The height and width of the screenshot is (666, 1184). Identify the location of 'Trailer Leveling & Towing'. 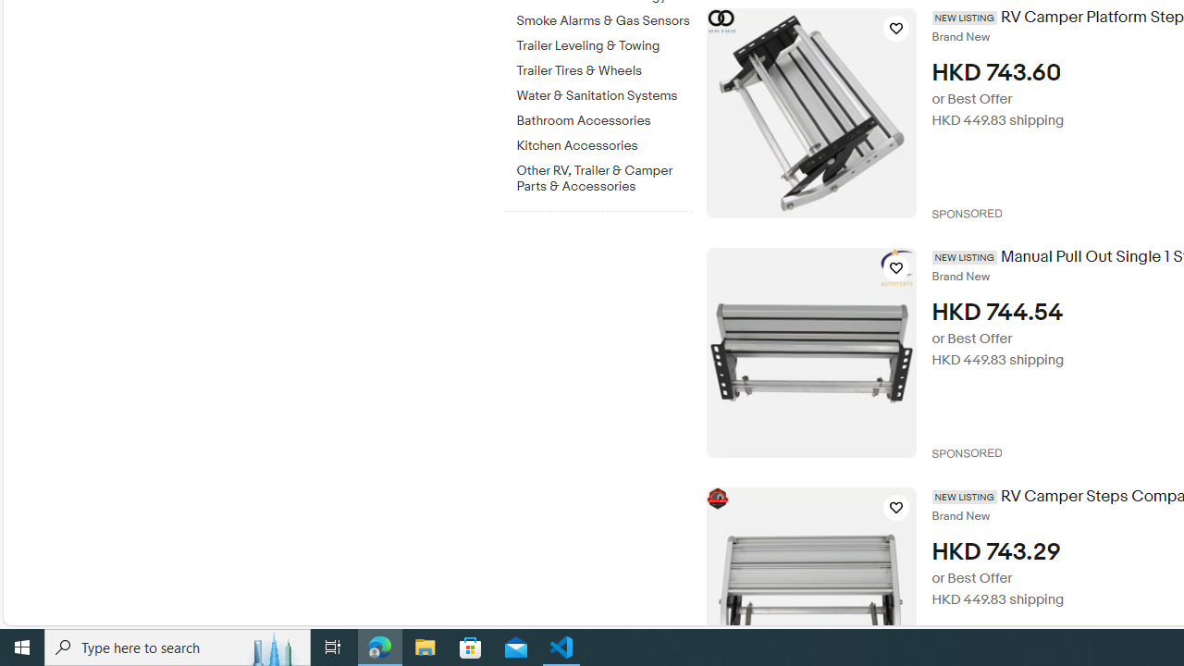
(604, 42).